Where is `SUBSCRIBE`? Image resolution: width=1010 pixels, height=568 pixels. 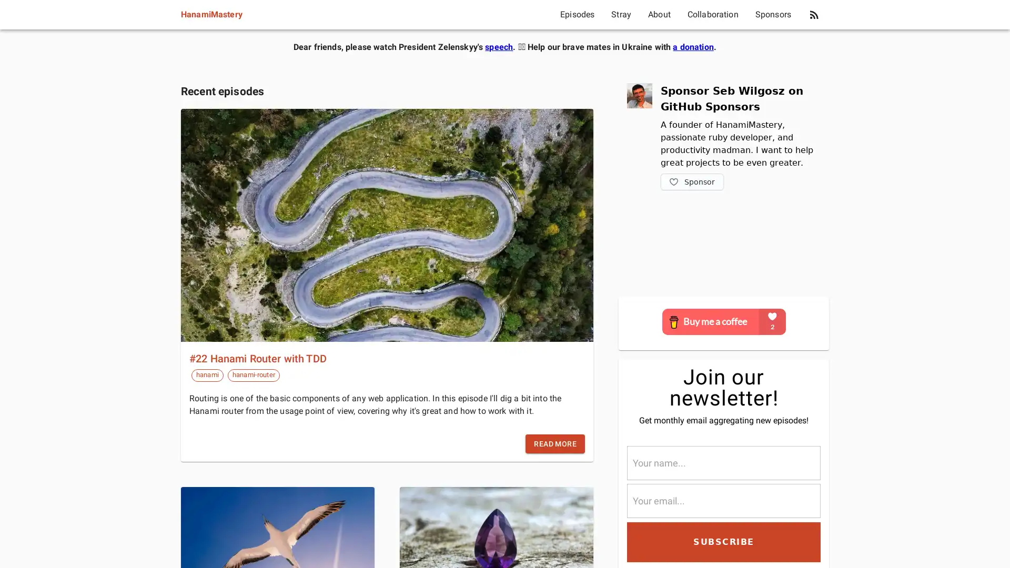
SUBSCRIBE is located at coordinates (723, 541).